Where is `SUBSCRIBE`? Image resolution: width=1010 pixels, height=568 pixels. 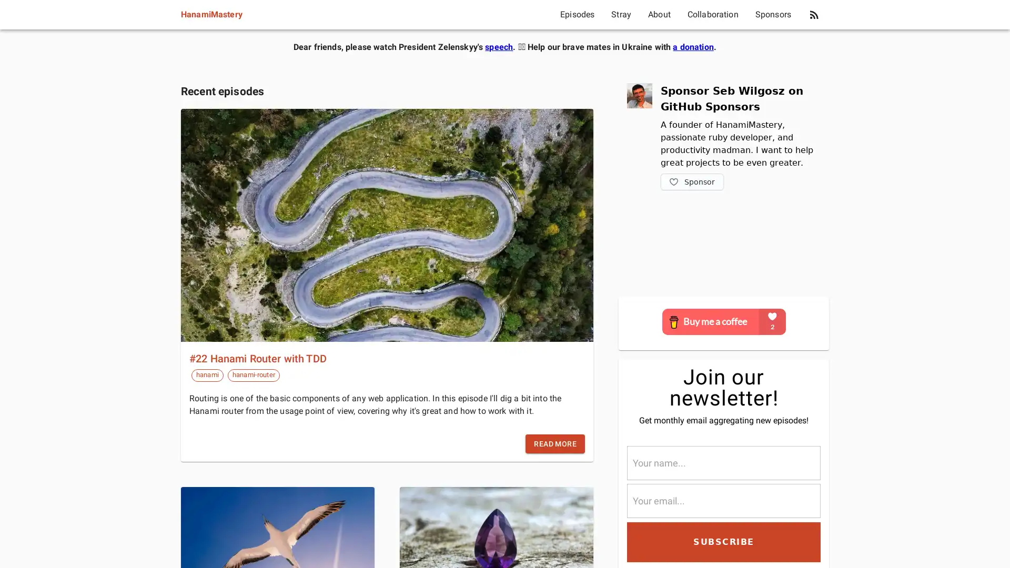
SUBSCRIBE is located at coordinates (723, 541).